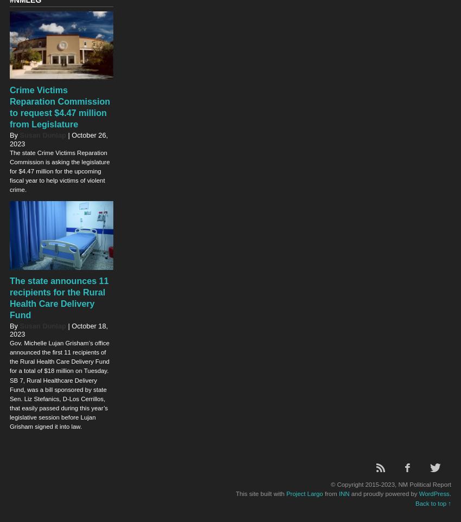 The image size is (461, 522). Describe the element at coordinates (58, 139) in the screenshot. I see `'October 26, 2023'` at that location.